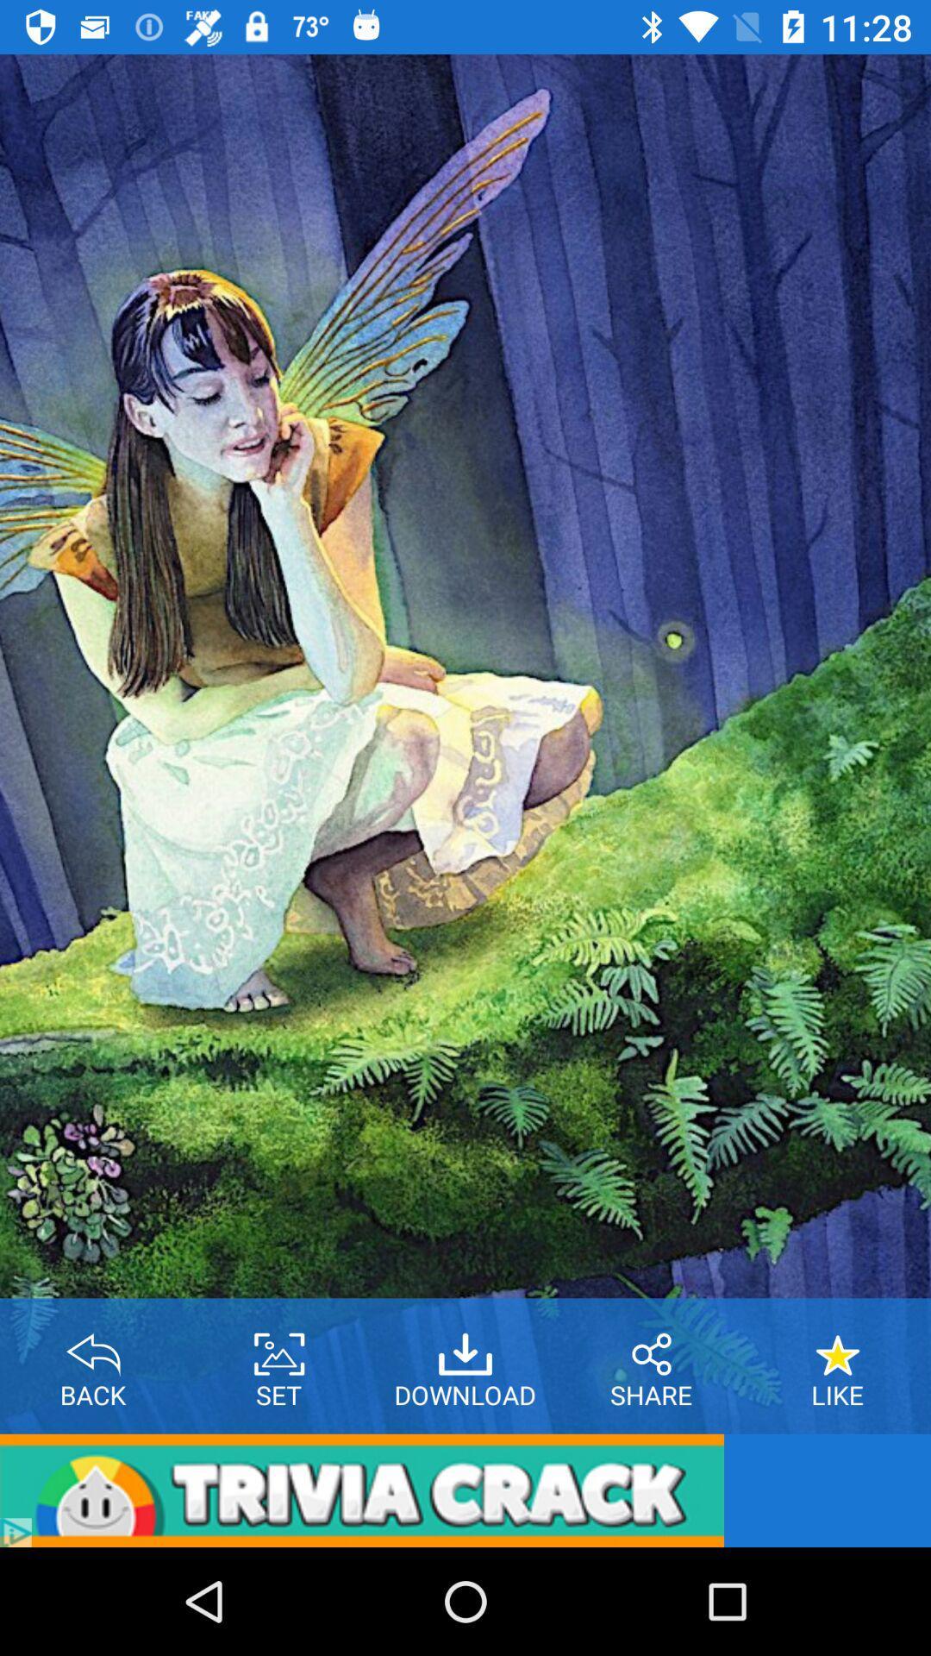 The width and height of the screenshot is (931, 1656). What do you see at coordinates (93, 1347) in the screenshot?
I see `go back` at bounding box center [93, 1347].